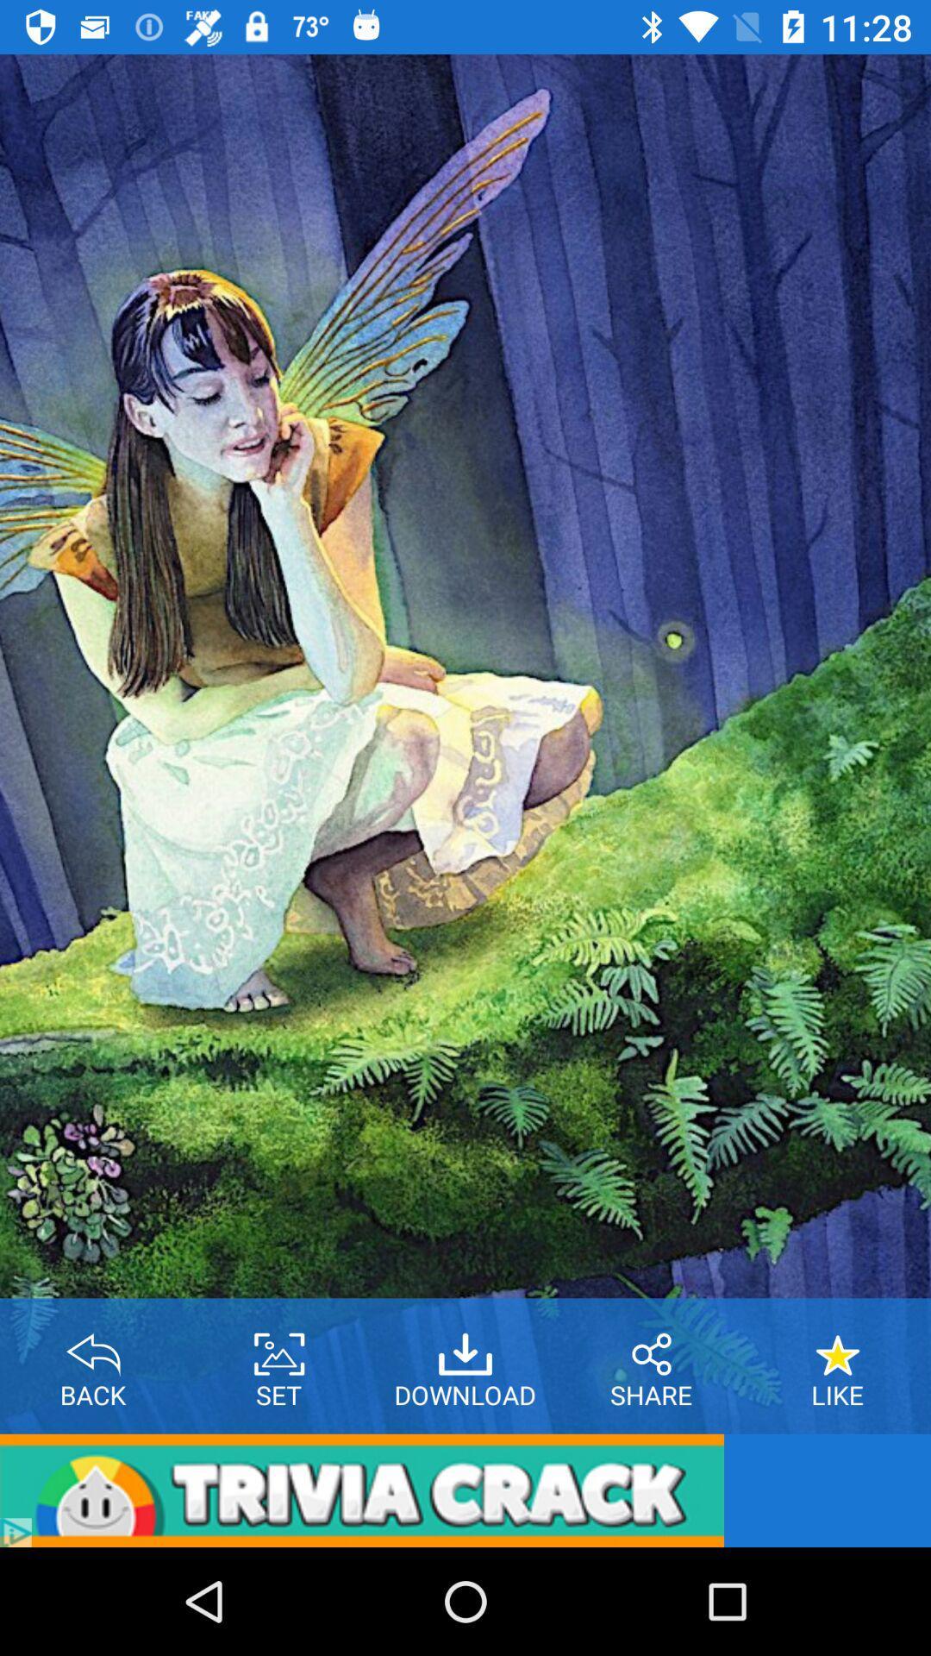 The width and height of the screenshot is (931, 1656). What do you see at coordinates (93, 1347) in the screenshot?
I see `go back` at bounding box center [93, 1347].